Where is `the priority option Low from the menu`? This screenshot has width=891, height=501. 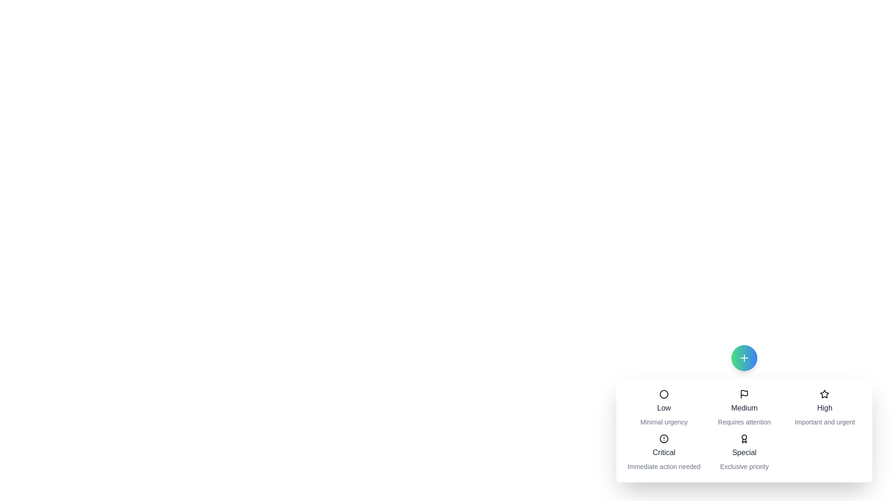
the priority option Low from the menu is located at coordinates (663, 407).